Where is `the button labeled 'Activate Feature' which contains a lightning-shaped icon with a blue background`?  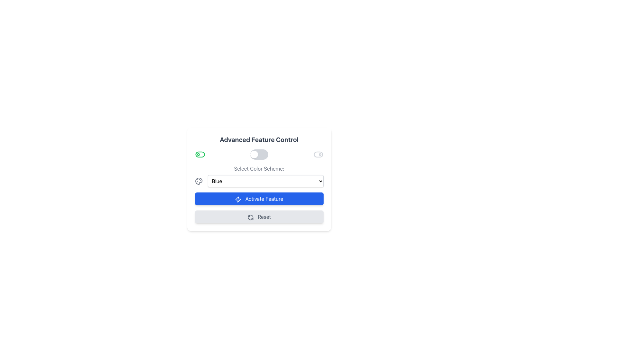
the button labeled 'Activate Feature' which contains a lightning-shaped icon with a blue background is located at coordinates (238, 199).